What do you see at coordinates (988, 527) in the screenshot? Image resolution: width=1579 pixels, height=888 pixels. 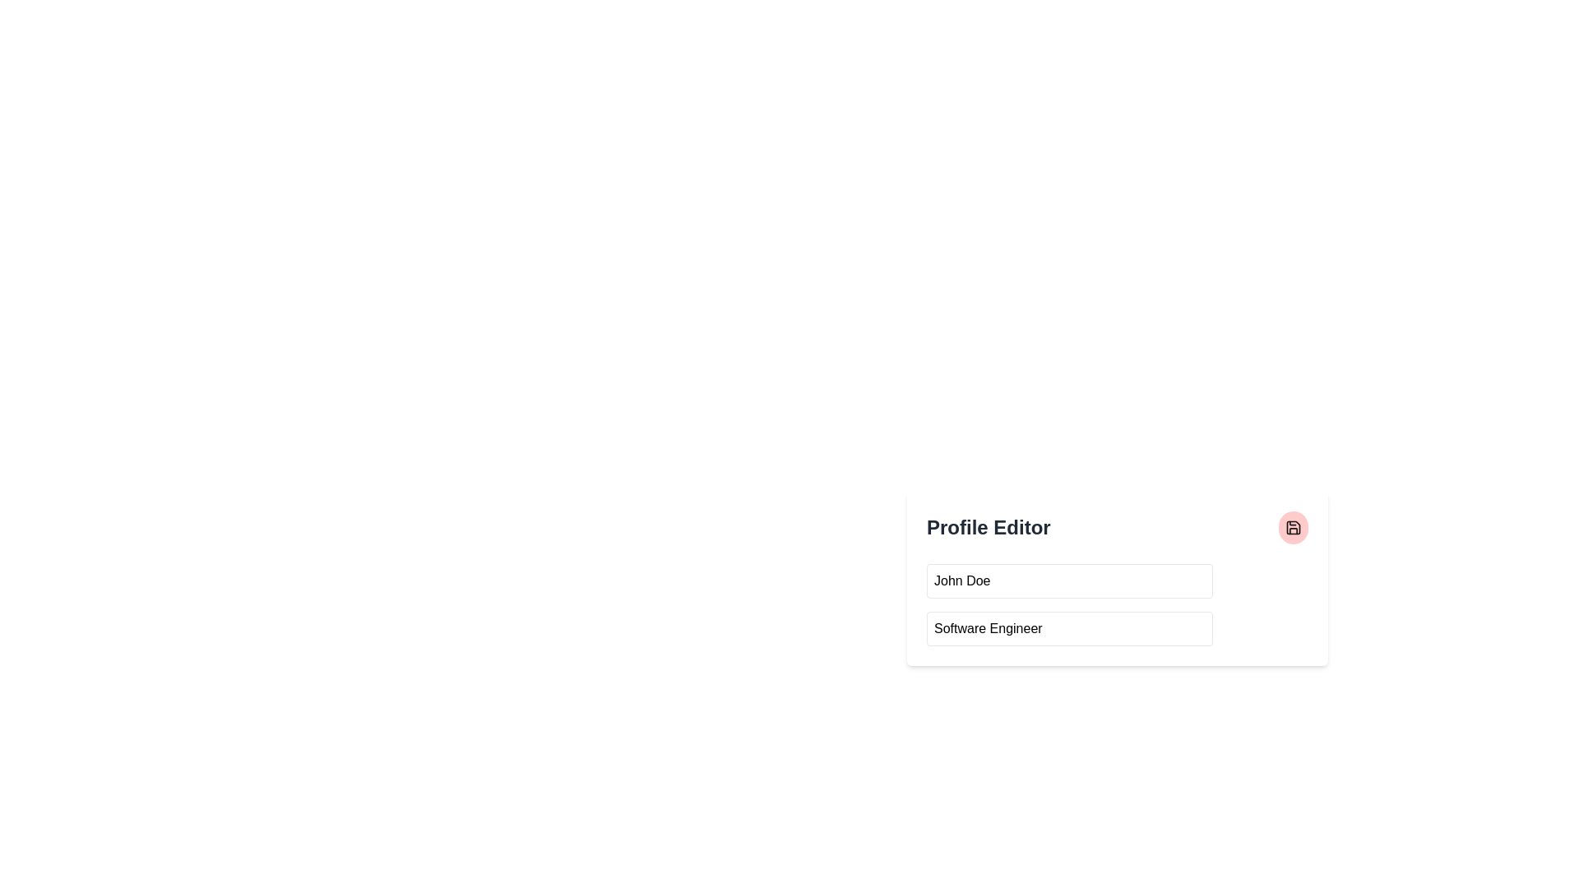 I see `the bold text header labeled 'Profile Editor' located at the top of the profile editing section, which is styled in large font and colored dark gray against a white background` at bounding box center [988, 527].